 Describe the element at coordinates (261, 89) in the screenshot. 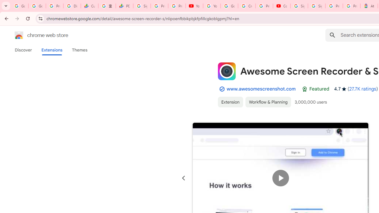

I see `'www.awesomescreenshot.com'` at that location.